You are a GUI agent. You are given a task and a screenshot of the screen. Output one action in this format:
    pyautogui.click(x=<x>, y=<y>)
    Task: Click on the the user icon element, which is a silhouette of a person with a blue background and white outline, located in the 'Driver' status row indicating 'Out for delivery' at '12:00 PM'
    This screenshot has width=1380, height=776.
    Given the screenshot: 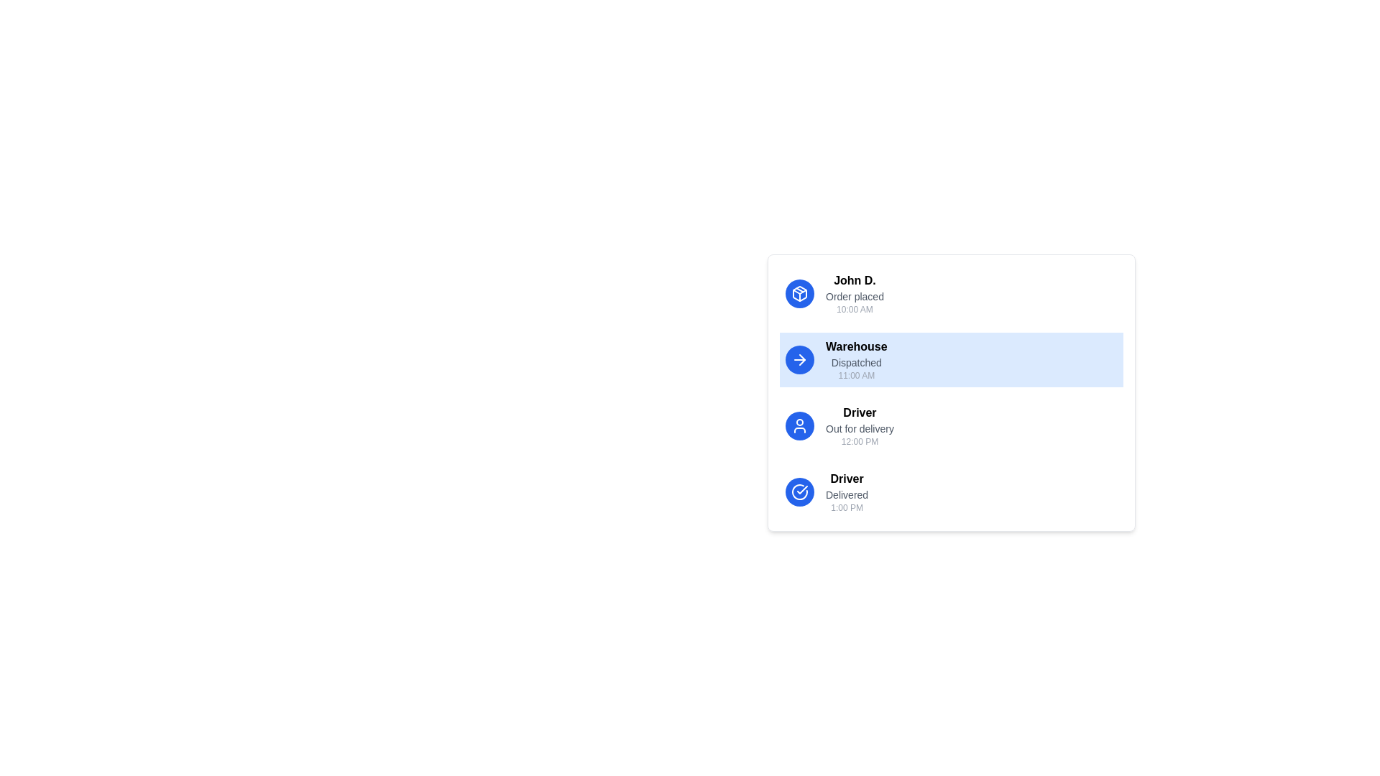 What is the action you would take?
    pyautogui.click(x=799, y=425)
    